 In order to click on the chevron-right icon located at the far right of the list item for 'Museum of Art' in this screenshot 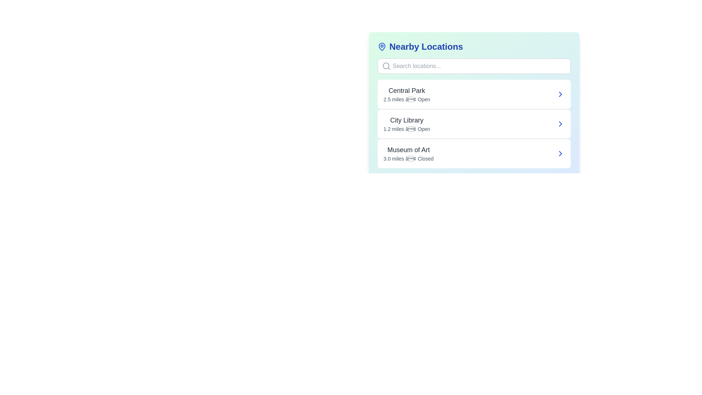, I will do `click(560, 153)`.